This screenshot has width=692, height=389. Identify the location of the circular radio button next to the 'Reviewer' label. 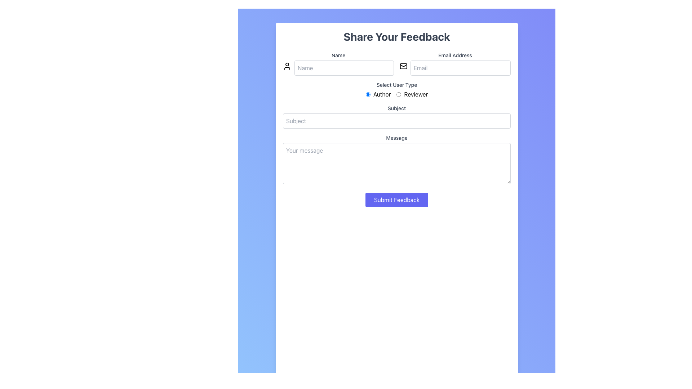
(398, 94).